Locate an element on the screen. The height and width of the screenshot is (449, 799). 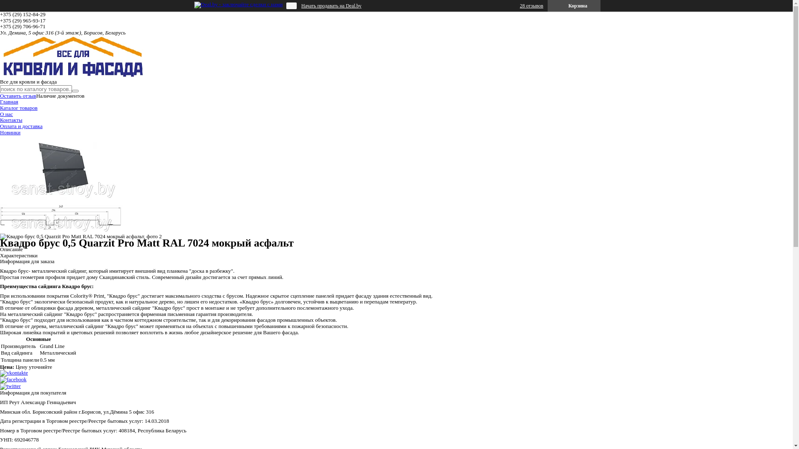
'facebook' is located at coordinates (13, 379).